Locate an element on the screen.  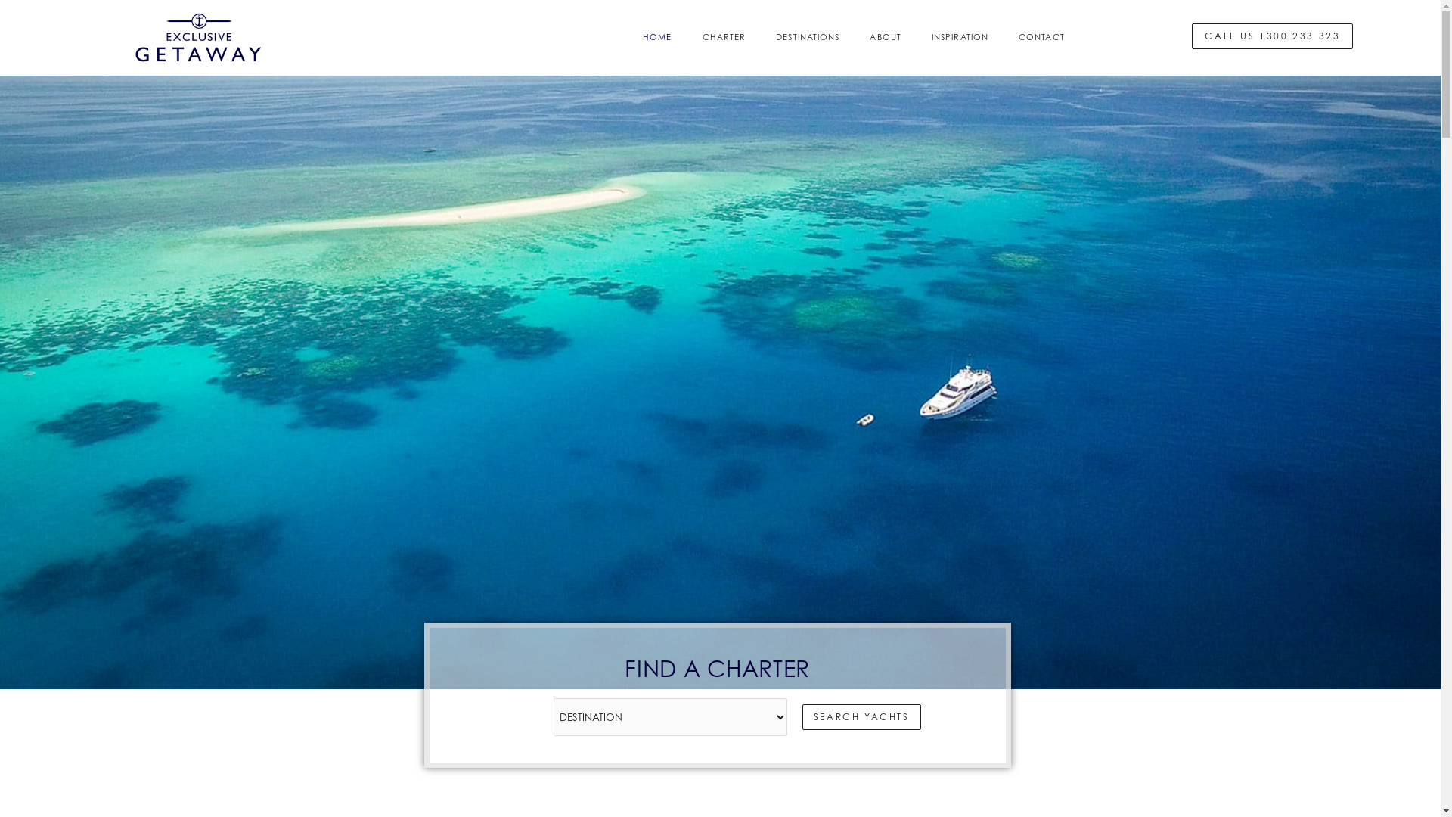
'DESTINATIONS' is located at coordinates (806, 62).